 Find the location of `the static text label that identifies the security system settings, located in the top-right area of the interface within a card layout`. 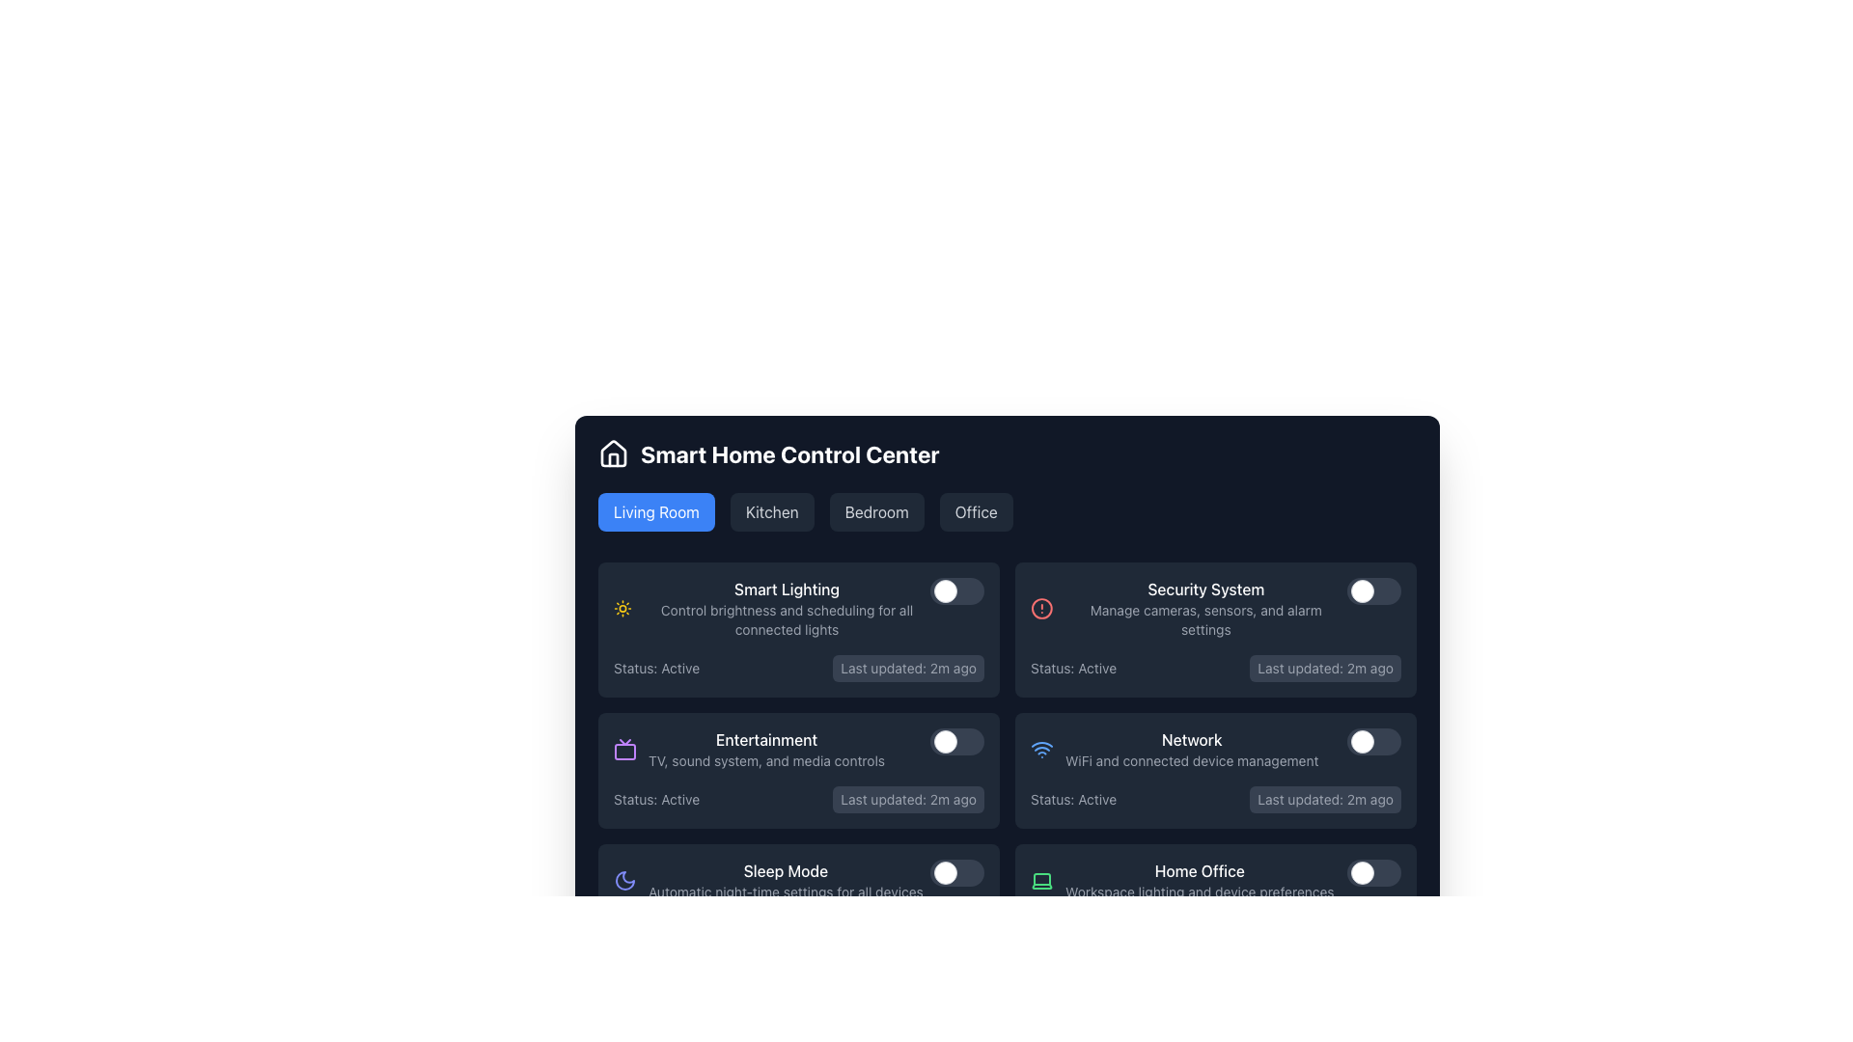

the static text label that identifies the security system settings, located in the top-right area of the interface within a card layout is located at coordinates (1204, 588).